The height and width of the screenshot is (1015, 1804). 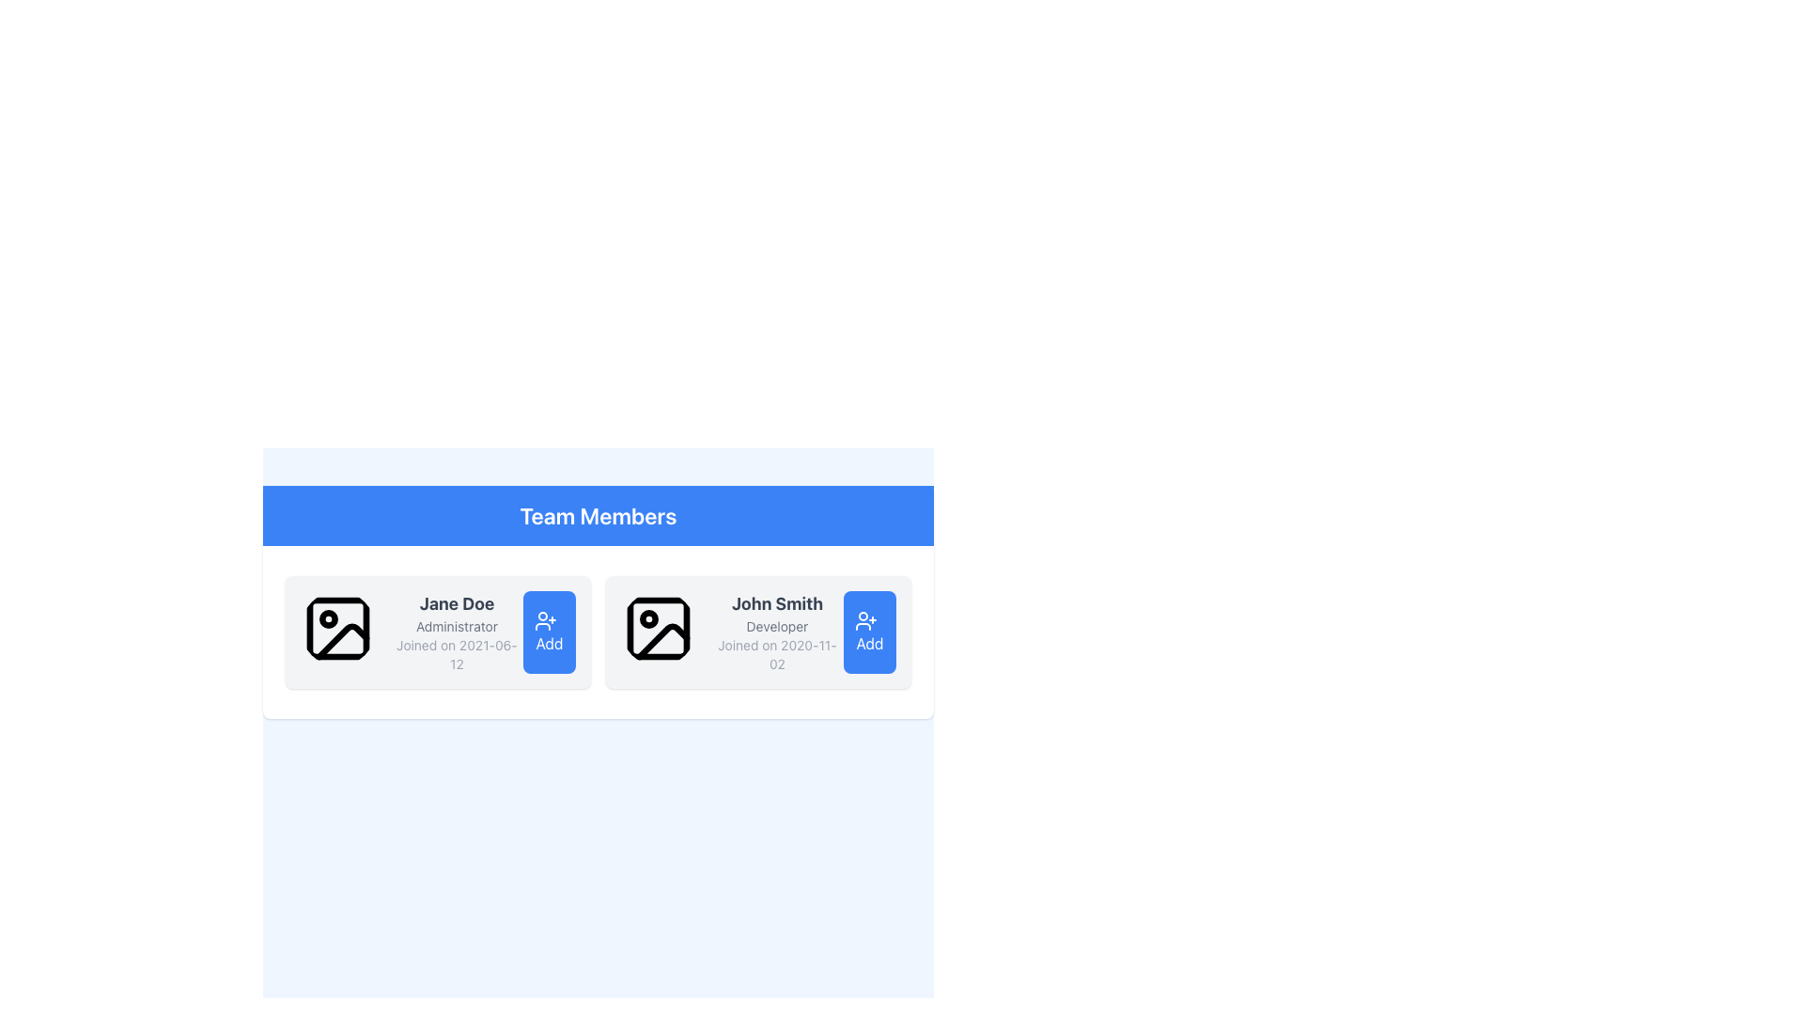 What do you see at coordinates (457, 654) in the screenshot?
I see `the text label displaying 'Joined on 2021-06-12', which is styled in small, gray font and positioned below the 'Administrator' role label` at bounding box center [457, 654].